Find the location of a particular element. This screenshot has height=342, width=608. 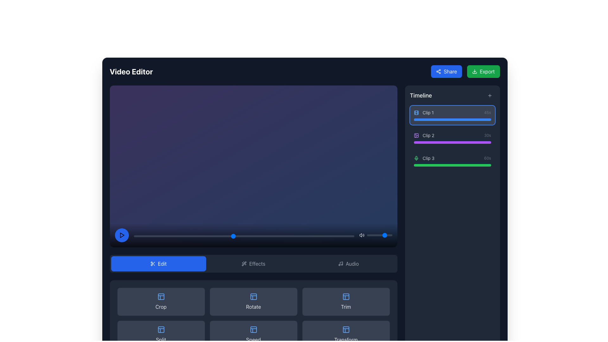

the play icon embedded in the circular play button is located at coordinates (122, 235).